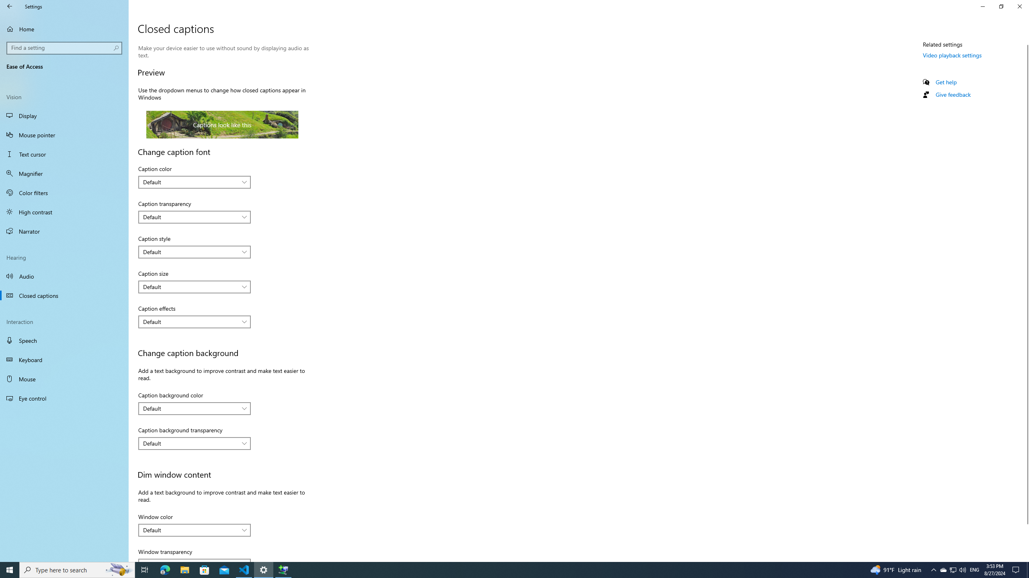  I want to click on 'Caption color', so click(194, 181).